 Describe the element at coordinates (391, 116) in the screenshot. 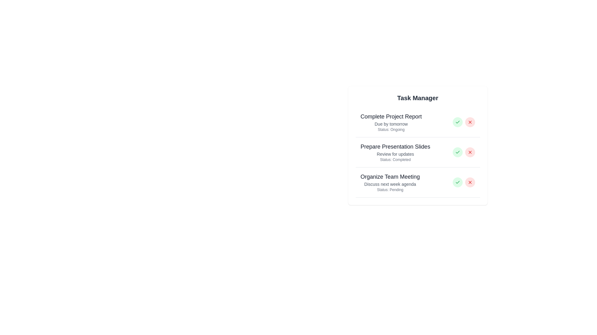

I see `the text label that describes the task item in the task management list, located at the top-left corner above 'Due by tomorrow' and 'Status: ongoing'` at that location.